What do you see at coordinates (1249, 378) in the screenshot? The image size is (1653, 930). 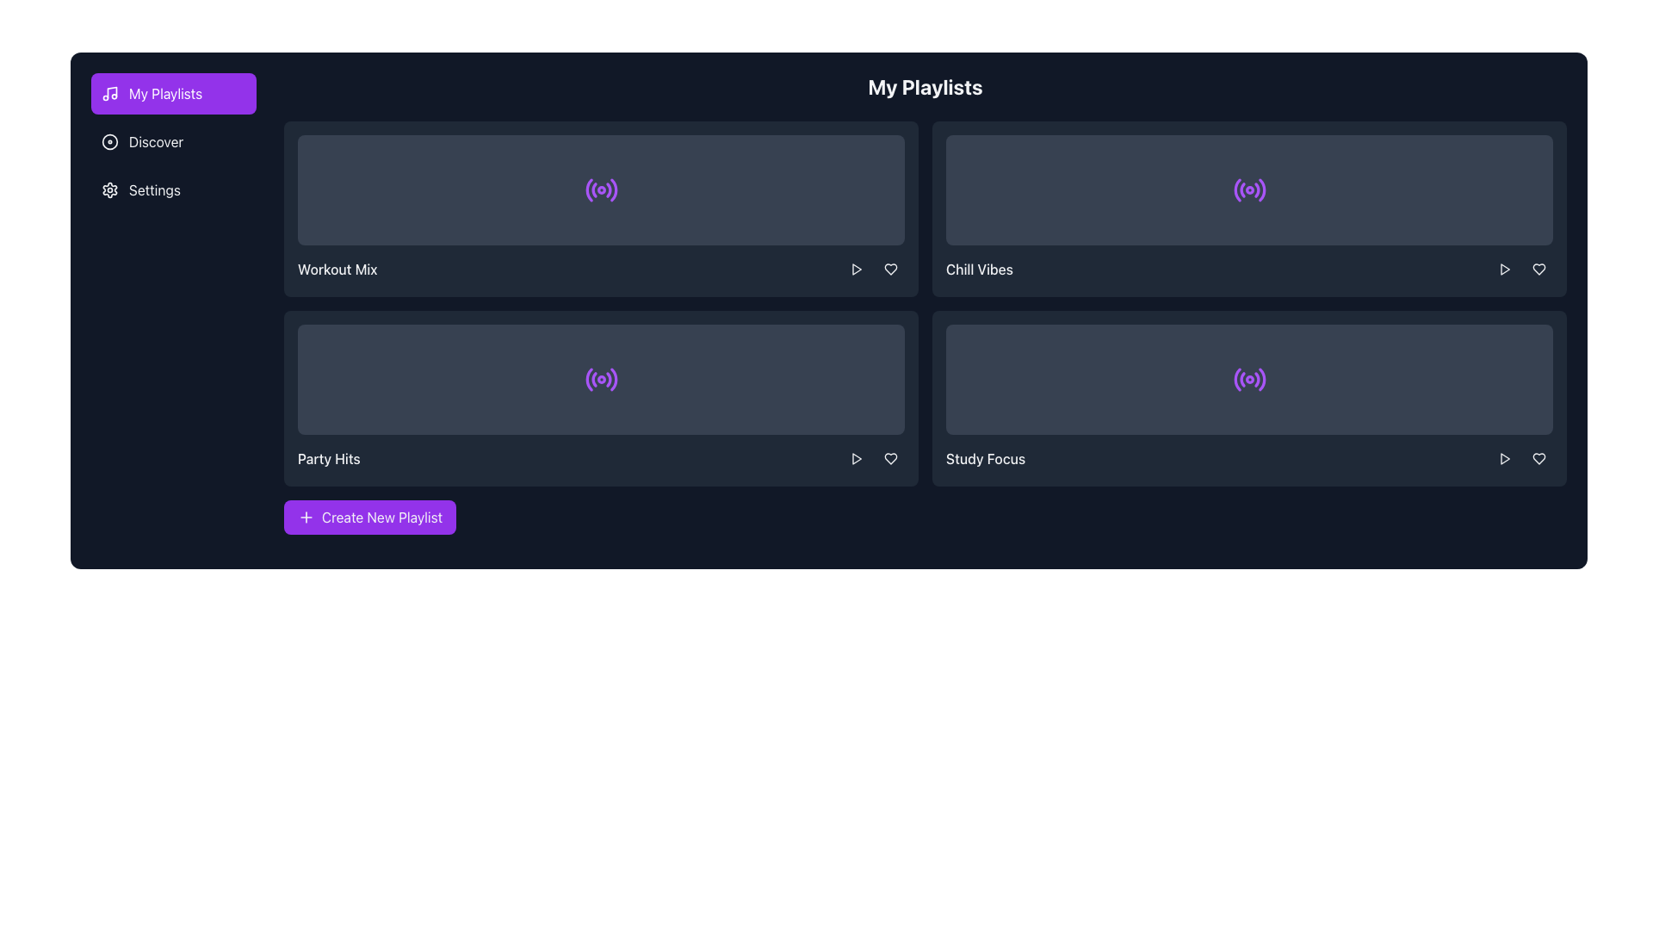 I see `the visual placeholder card for 'Study Focus', located at the bottom right position of the grid layout` at bounding box center [1249, 378].